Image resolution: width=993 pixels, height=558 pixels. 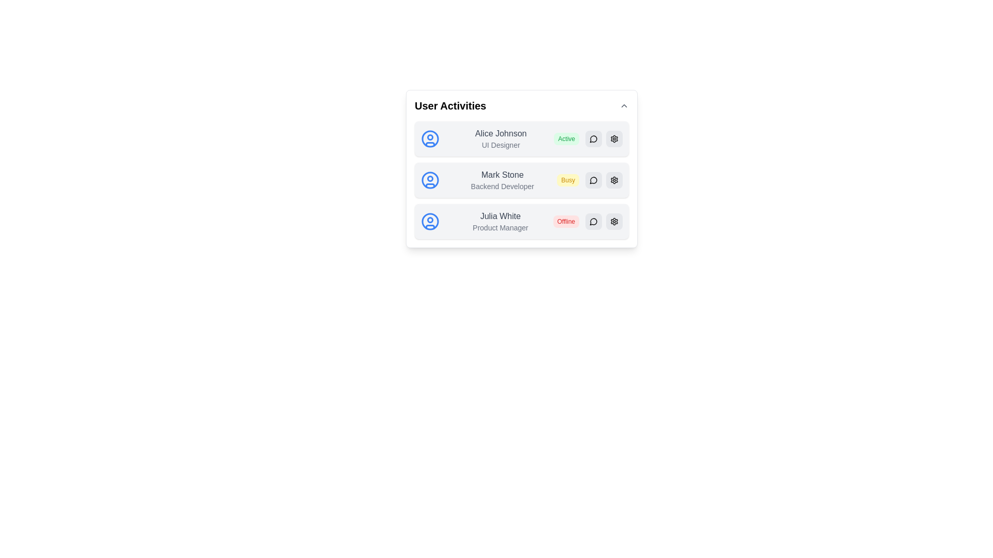 What do you see at coordinates (623, 105) in the screenshot?
I see `the small upward arrow button in the top-right corner of the 'User Activities' section` at bounding box center [623, 105].